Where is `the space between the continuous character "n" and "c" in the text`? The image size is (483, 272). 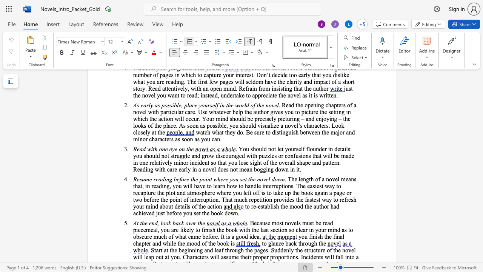 the space between the continuous character "n" and "c" in the text is located at coordinates (194, 162).